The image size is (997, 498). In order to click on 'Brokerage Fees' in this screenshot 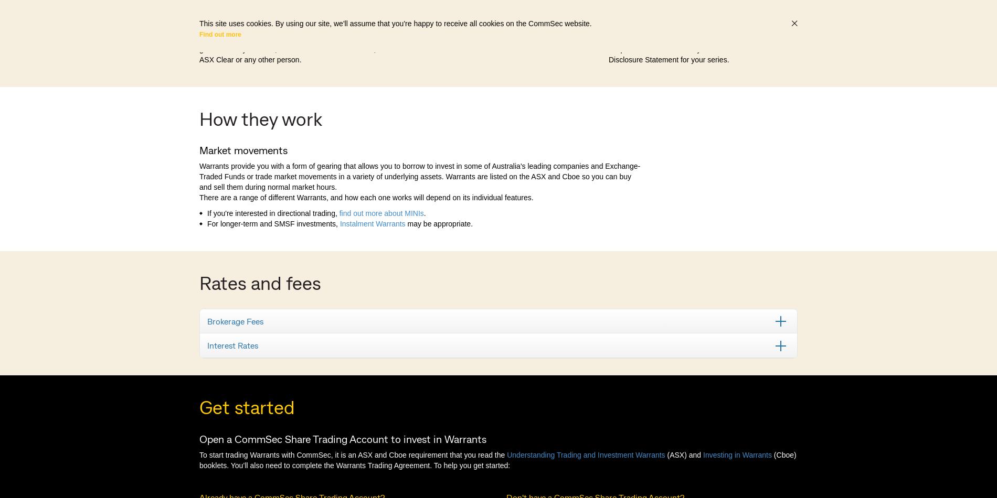, I will do `click(235, 320)`.